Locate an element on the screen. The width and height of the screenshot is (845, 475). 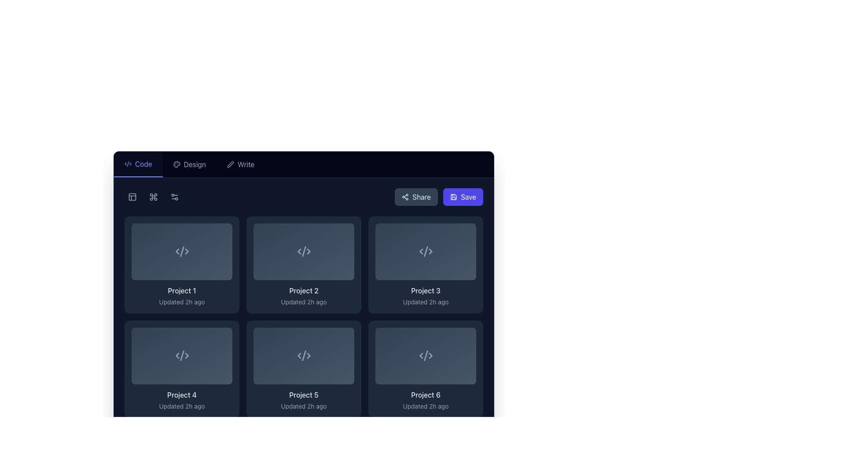
the small, circular palette icon located in the left portion of the horizontal navigation bar, situated between the 'Code' and 'Write' options in the 'Design' section to potentially display more information or a tooltip is located at coordinates (176, 164).